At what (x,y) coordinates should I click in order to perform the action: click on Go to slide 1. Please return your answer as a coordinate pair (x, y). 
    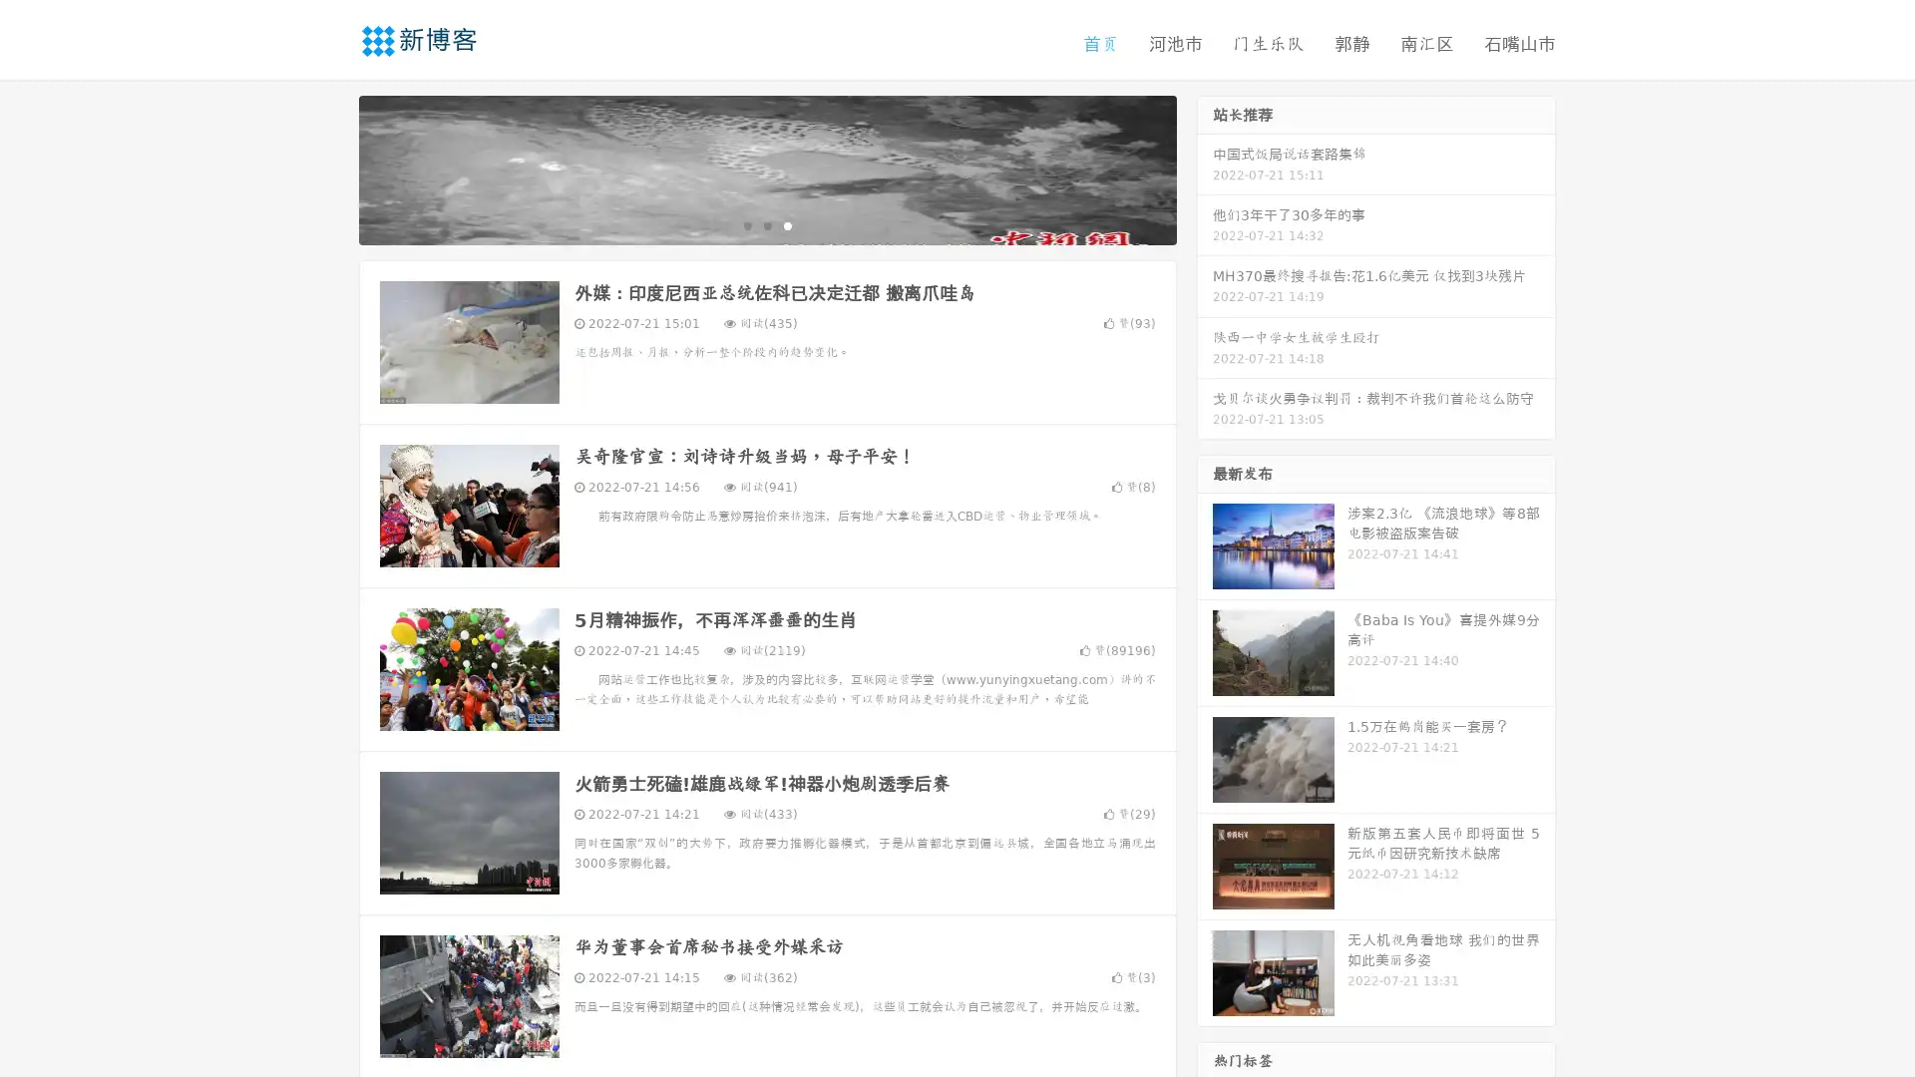
    Looking at the image, I should click on (746, 224).